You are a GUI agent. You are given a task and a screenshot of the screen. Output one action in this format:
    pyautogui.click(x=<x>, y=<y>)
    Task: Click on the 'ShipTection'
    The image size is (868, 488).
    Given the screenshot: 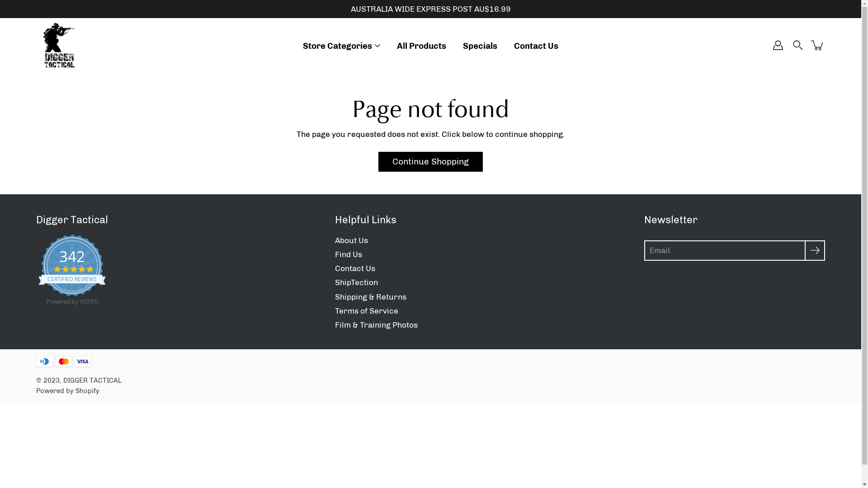 What is the action you would take?
    pyautogui.click(x=355, y=282)
    